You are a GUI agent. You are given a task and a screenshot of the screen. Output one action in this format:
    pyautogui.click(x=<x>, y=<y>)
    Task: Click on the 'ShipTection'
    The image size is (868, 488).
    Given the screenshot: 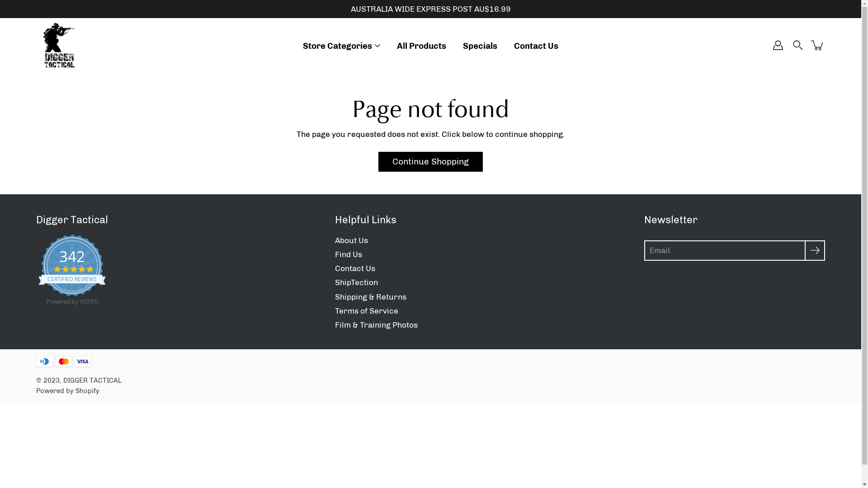 What is the action you would take?
    pyautogui.click(x=355, y=282)
    